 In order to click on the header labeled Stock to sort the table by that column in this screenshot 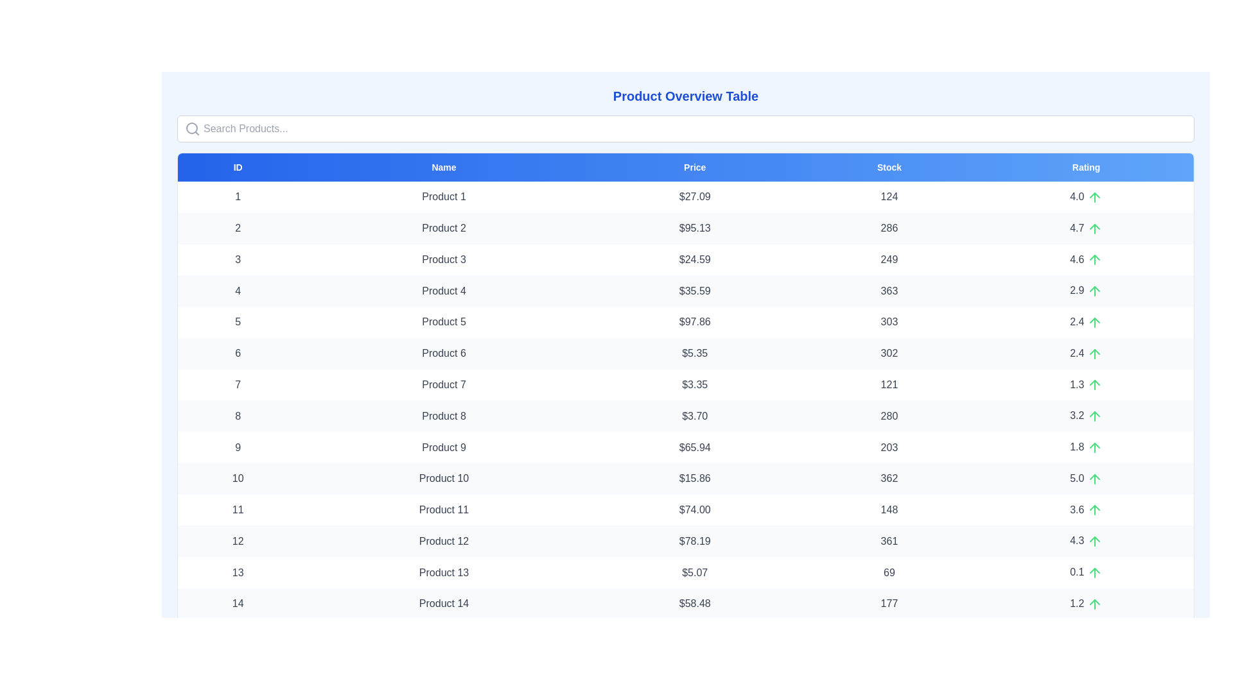, I will do `click(888, 167)`.